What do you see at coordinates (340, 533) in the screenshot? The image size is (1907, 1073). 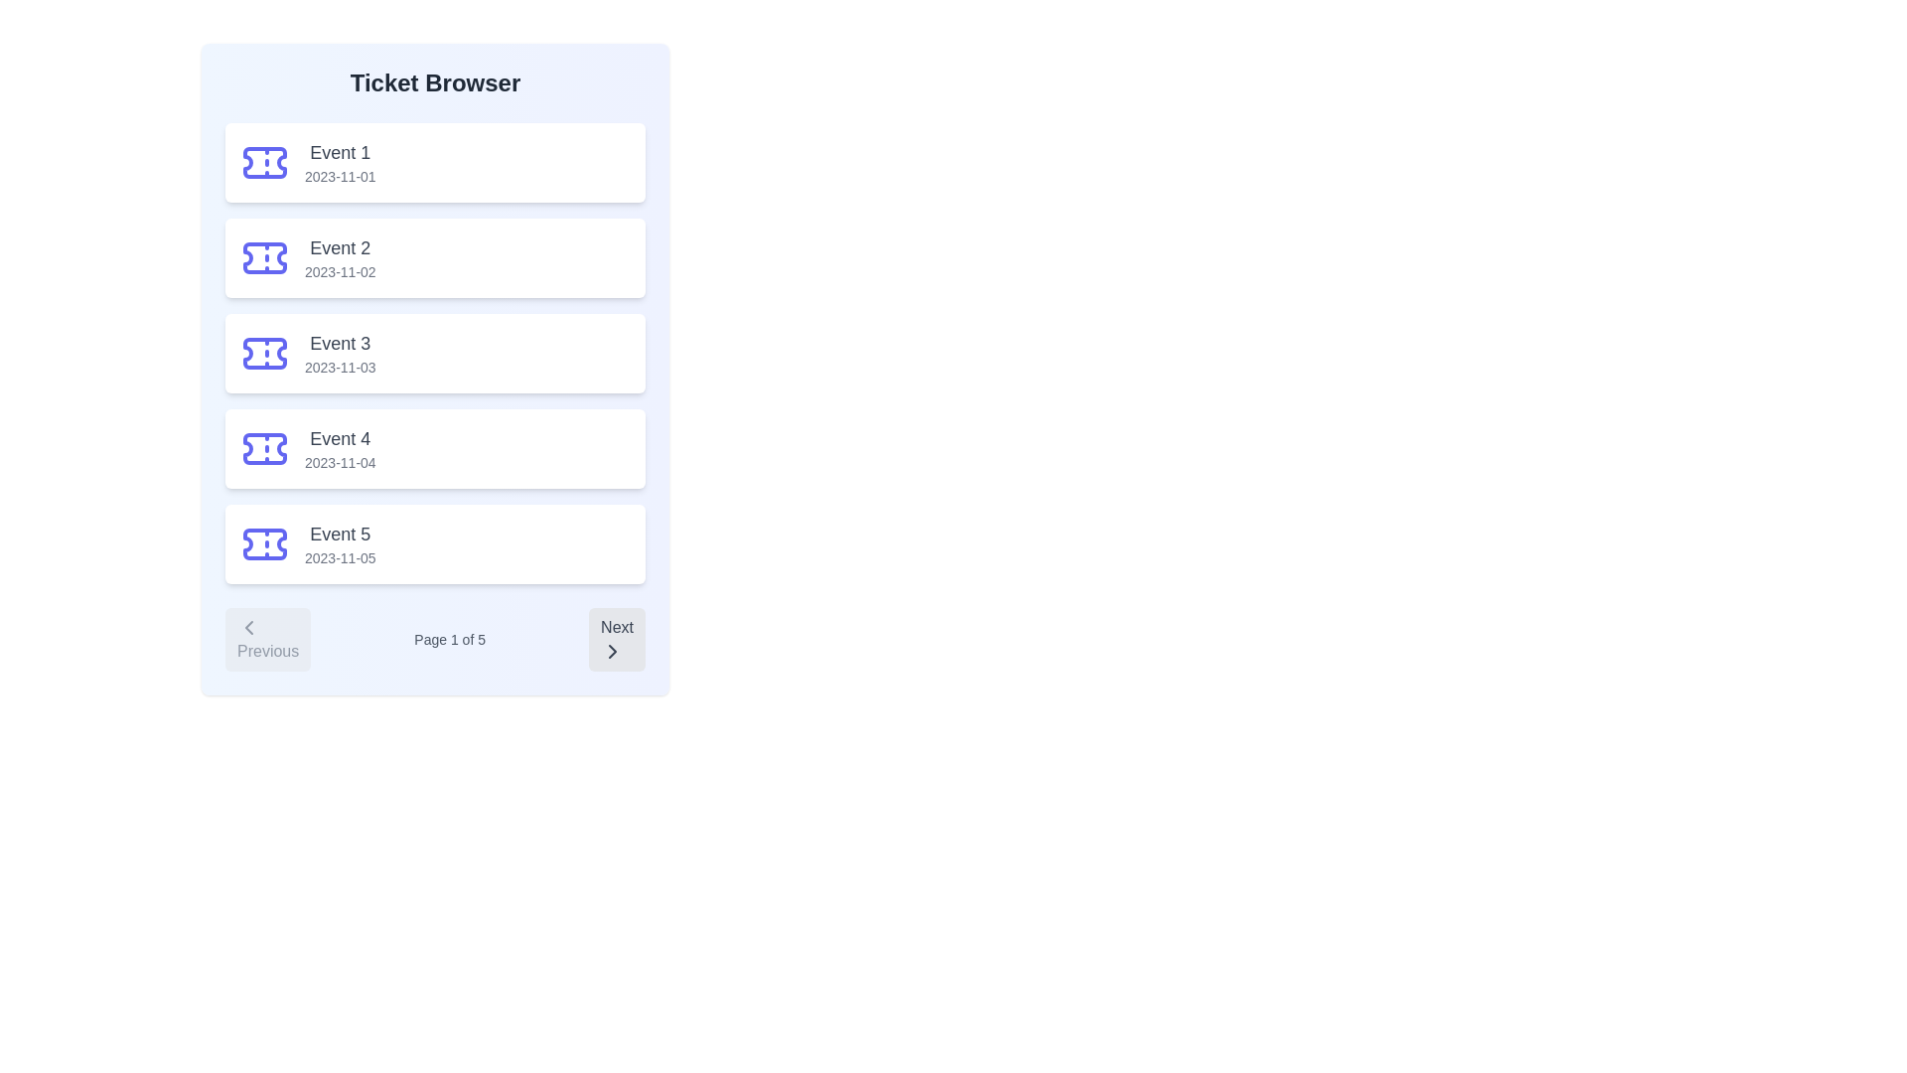 I see `the Text Label displaying 'Event 5', which is located on the bottom-most card in a vertical stack of event cards, directly above the date '2023-11-05'` at bounding box center [340, 533].